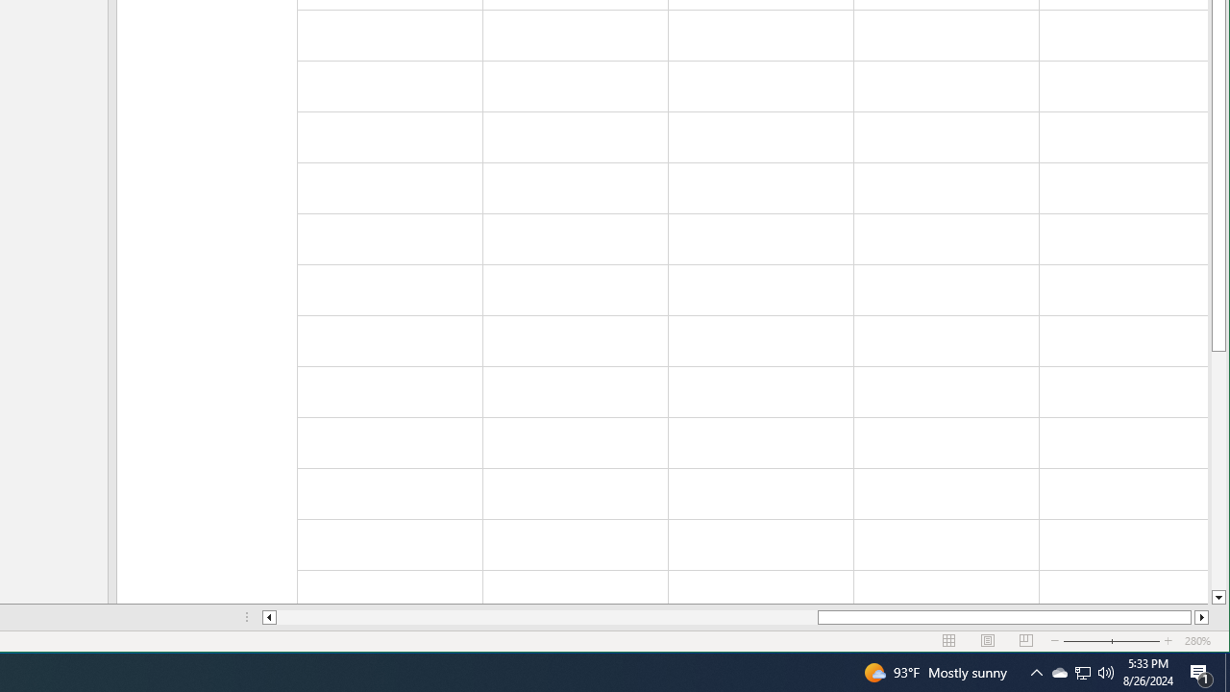 The width and height of the screenshot is (1230, 692). I want to click on 'Notification Chevron', so click(1036, 671).